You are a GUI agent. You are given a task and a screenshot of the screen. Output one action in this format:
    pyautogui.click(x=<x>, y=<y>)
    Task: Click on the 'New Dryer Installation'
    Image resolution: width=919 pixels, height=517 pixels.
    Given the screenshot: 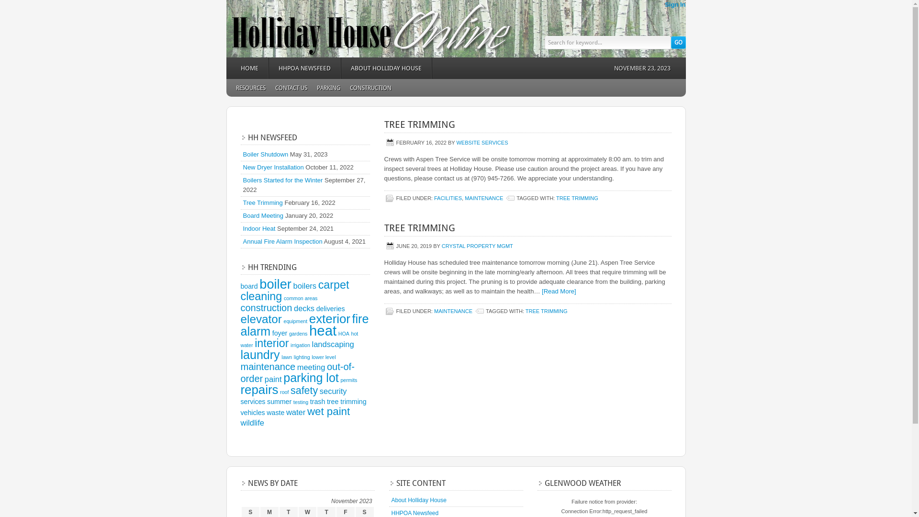 What is the action you would take?
    pyautogui.click(x=273, y=167)
    